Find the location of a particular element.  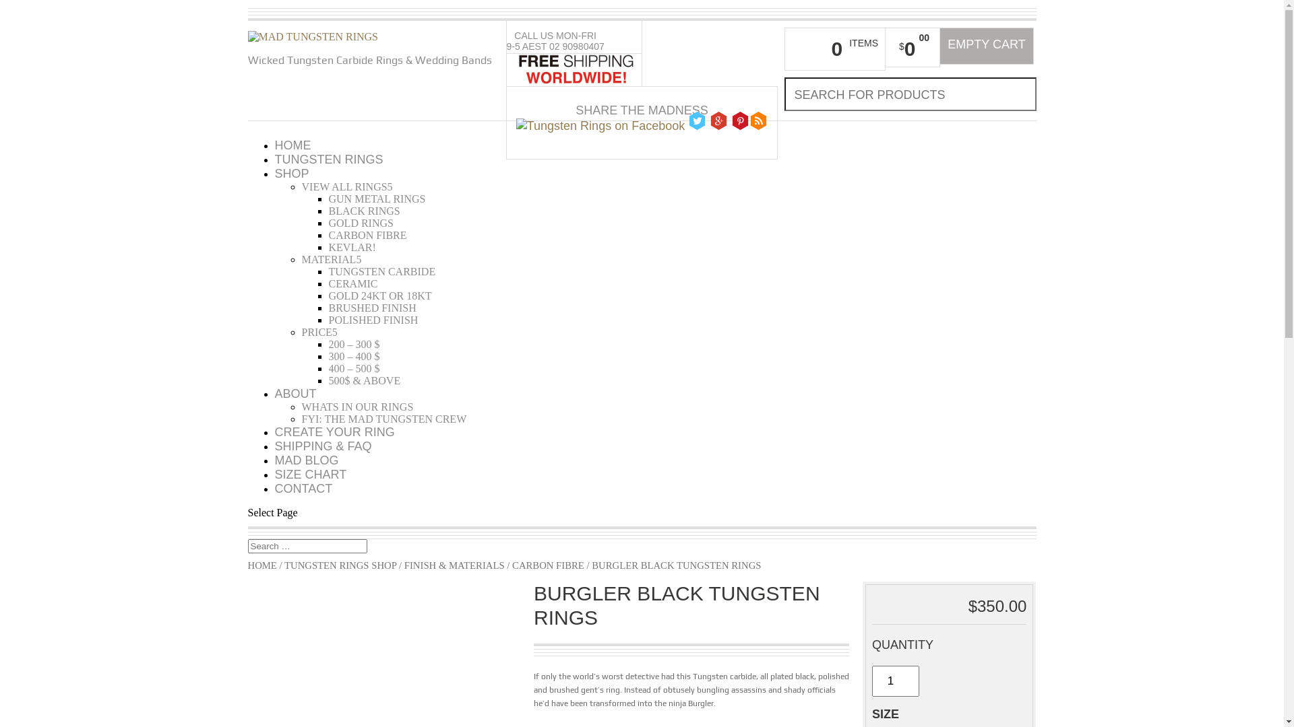

'CARBON FIBRE' is located at coordinates (511, 565).